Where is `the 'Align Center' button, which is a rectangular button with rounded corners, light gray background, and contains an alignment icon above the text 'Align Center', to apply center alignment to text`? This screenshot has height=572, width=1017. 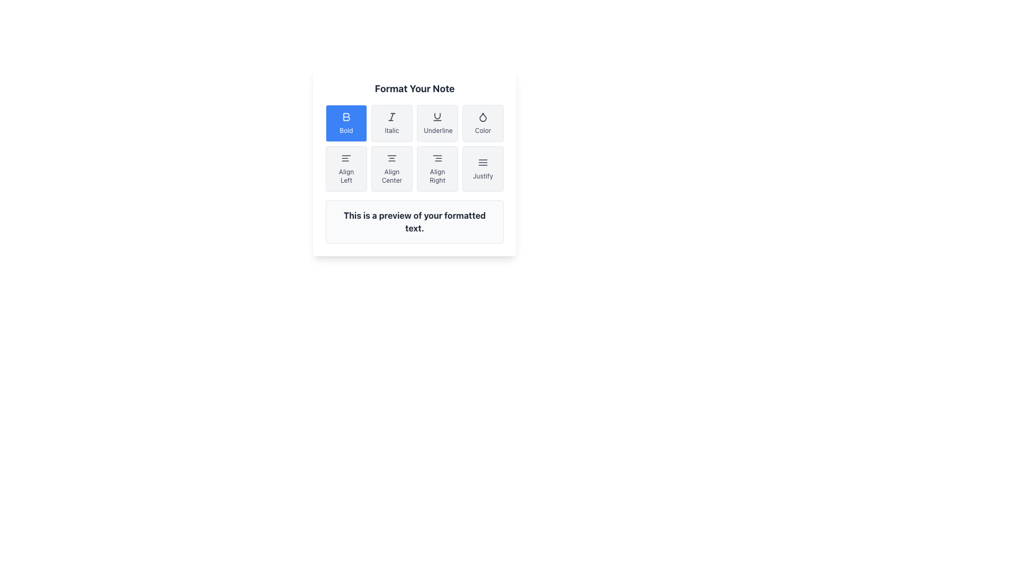
the 'Align Center' button, which is a rectangular button with rounded corners, light gray background, and contains an alignment icon above the text 'Align Center', to apply center alignment to text is located at coordinates (391, 168).